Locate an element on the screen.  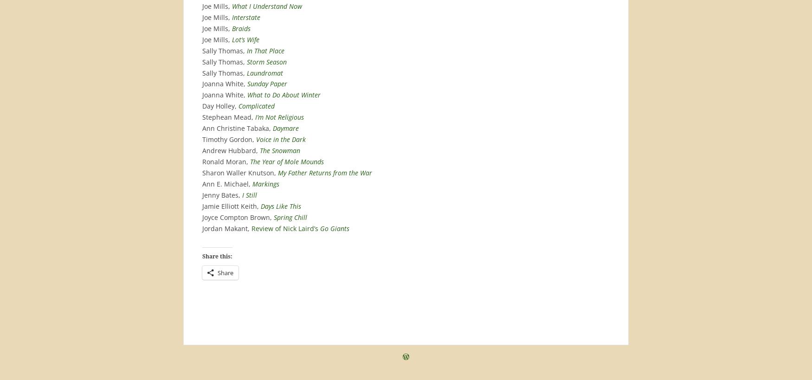
'Laundromat' is located at coordinates (265, 72).